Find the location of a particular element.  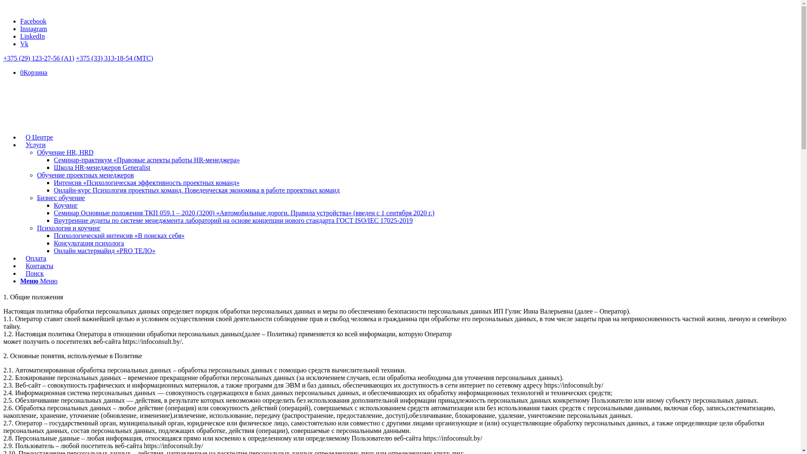

'Facebook' is located at coordinates (33, 21).